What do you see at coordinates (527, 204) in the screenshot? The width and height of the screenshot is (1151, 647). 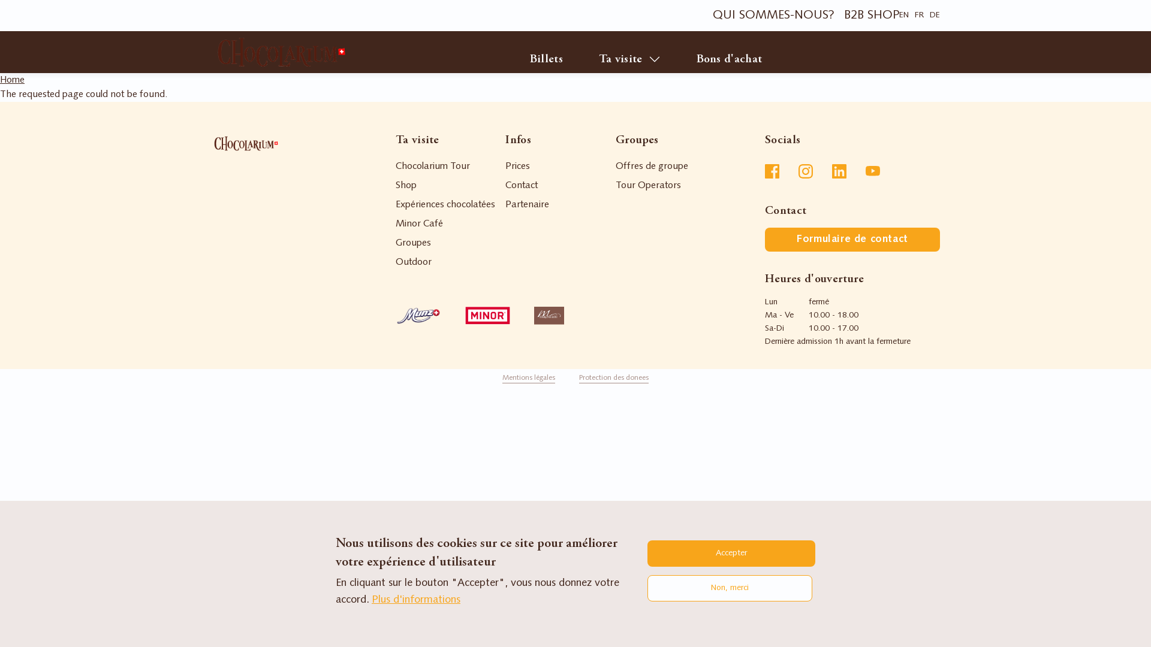 I see `'Partenaire'` at bounding box center [527, 204].